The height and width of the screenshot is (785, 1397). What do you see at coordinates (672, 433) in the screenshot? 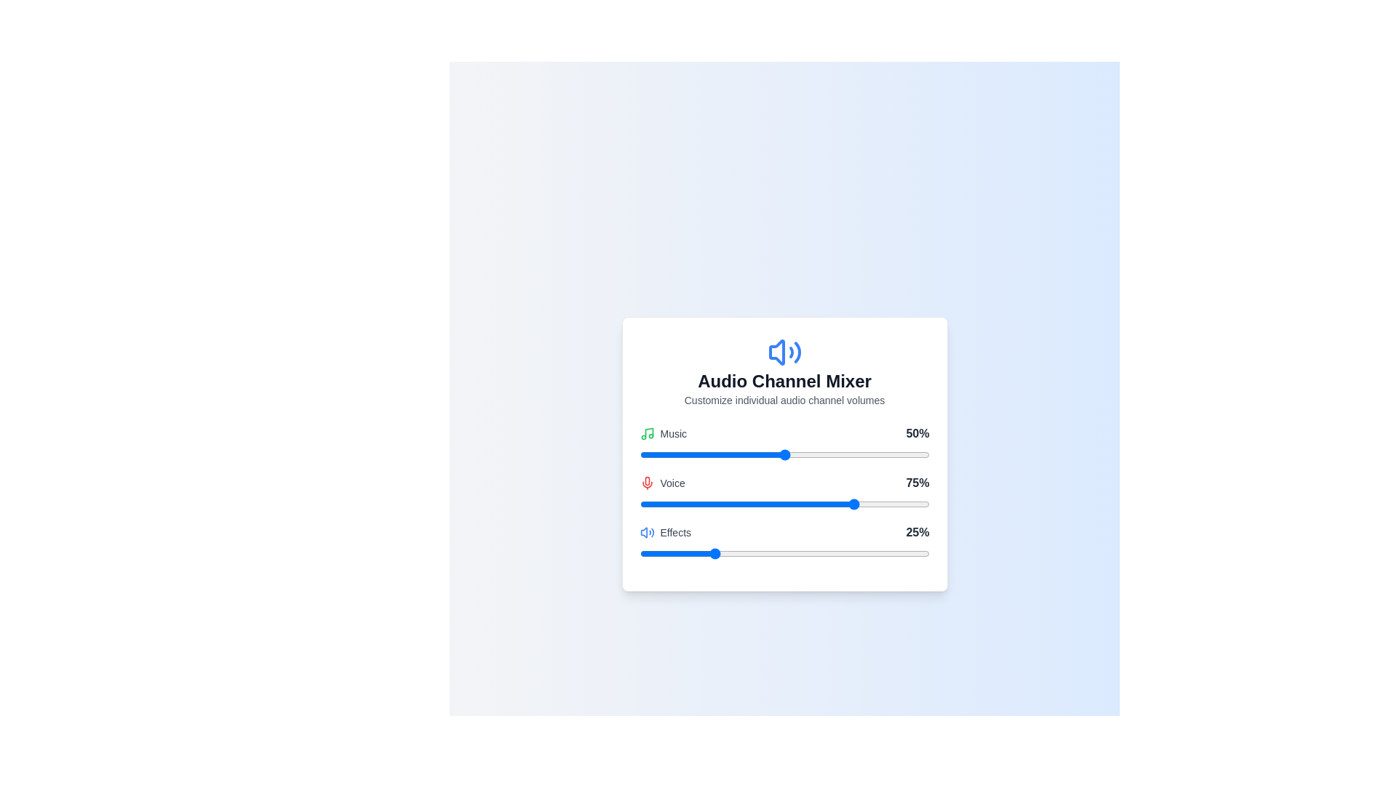
I see `the 'Music' text label, which is displayed in gray font and is part of the audio channel interface, located adjacent to a green music note icon` at bounding box center [672, 433].